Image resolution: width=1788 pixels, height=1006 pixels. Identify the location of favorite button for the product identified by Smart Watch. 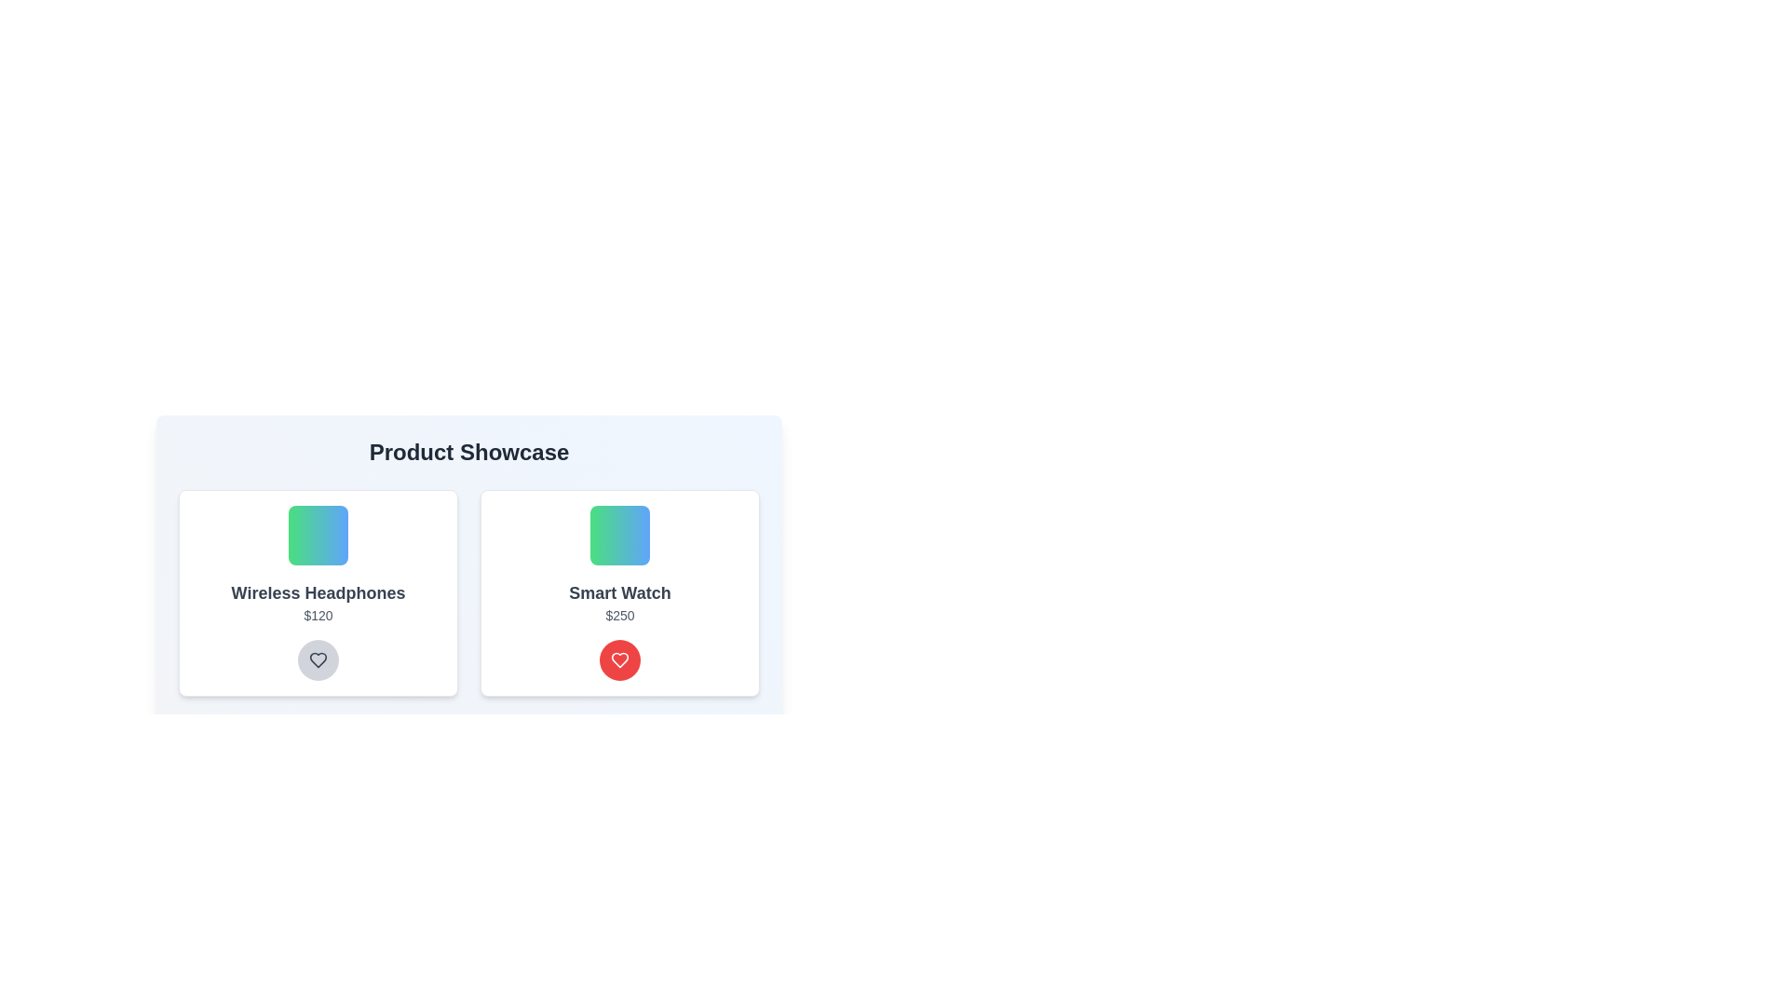
(620, 659).